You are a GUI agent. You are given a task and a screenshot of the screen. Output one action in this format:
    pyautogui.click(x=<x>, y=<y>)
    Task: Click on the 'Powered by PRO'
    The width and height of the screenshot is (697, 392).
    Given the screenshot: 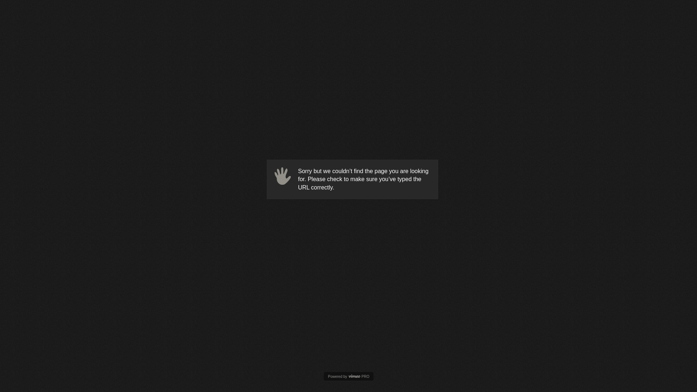 What is the action you would take?
    pyautogui.click(x=348, y=376)
    